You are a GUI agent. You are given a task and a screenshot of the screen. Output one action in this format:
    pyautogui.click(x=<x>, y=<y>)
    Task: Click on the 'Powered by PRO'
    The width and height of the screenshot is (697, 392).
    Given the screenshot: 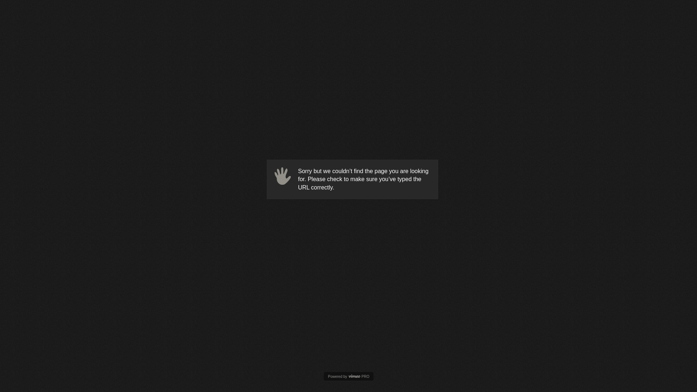 What is the action you would take?
    pyautogui.click(x=348, y=376)
    